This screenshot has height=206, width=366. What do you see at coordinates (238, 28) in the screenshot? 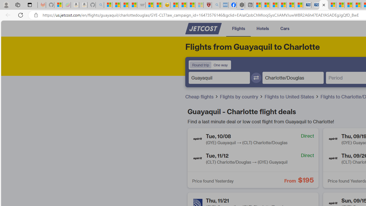
I see `'Flights'` at bounding box center [238, 28].